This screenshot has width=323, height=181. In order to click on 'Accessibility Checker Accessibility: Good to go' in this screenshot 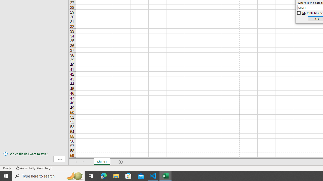, I will do `click(34, 168)`.